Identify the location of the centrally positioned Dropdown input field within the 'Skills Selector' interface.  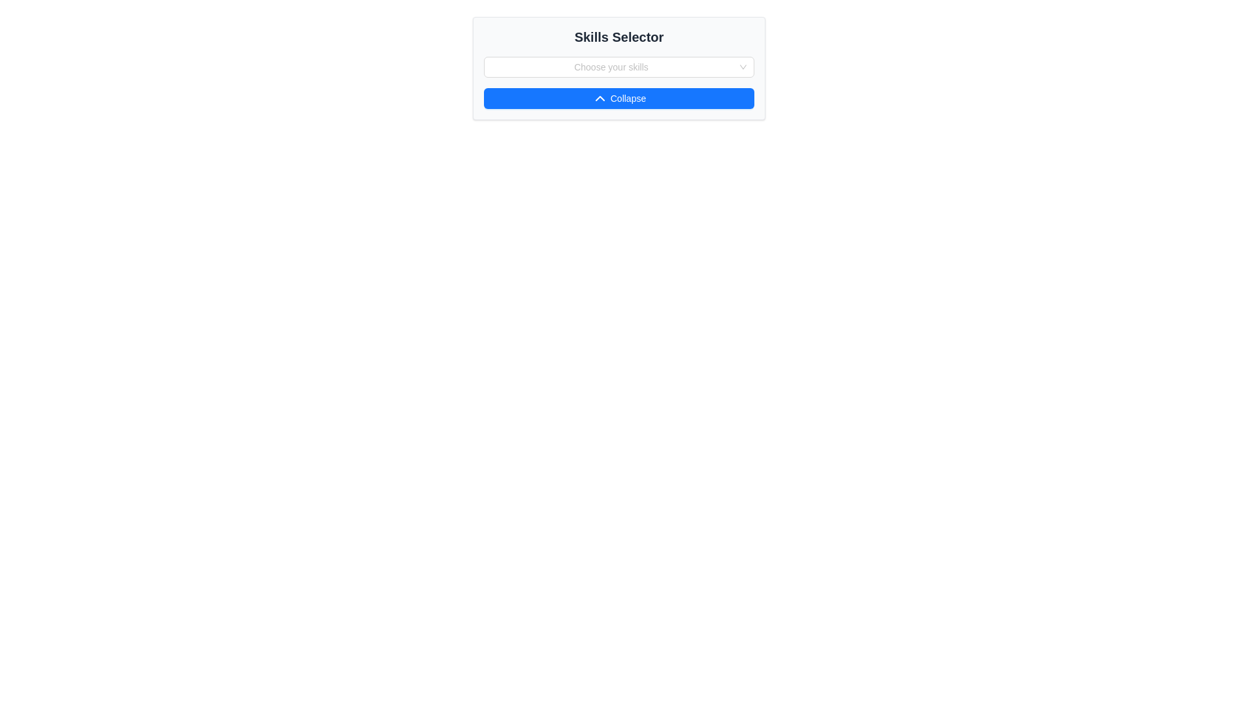
(611, 67).